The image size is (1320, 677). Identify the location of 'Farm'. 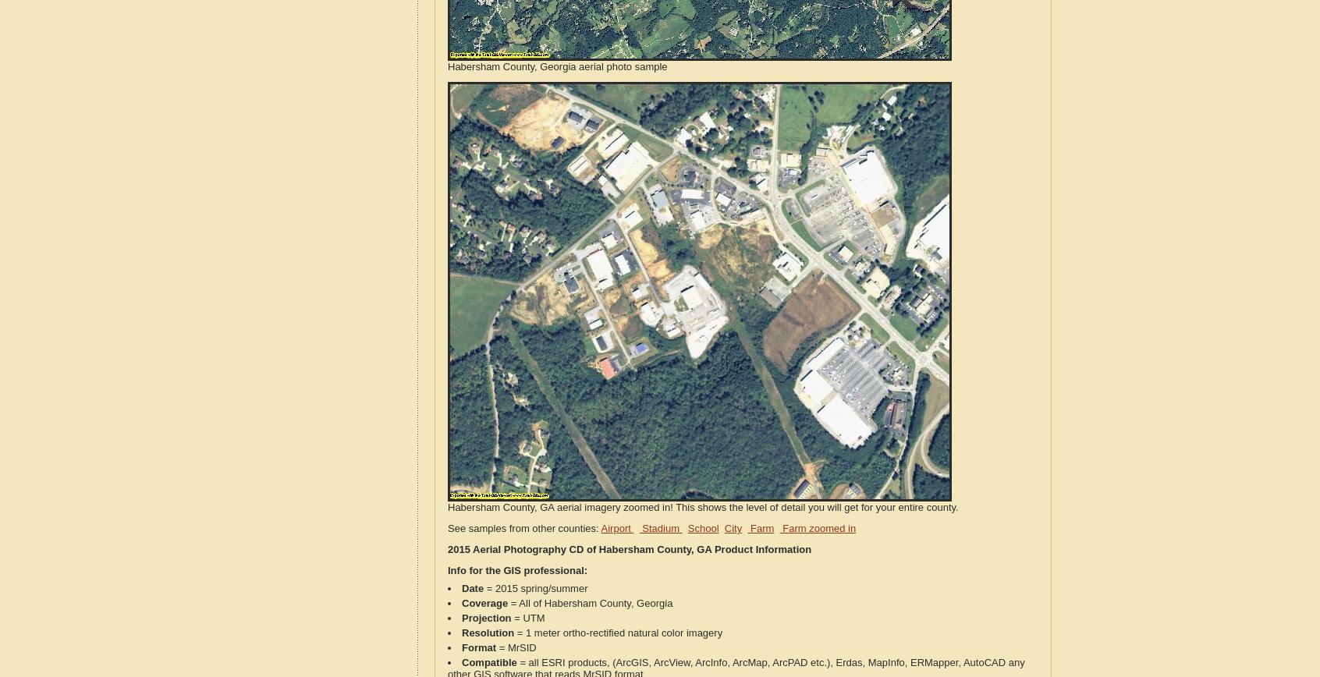
(760, 528).